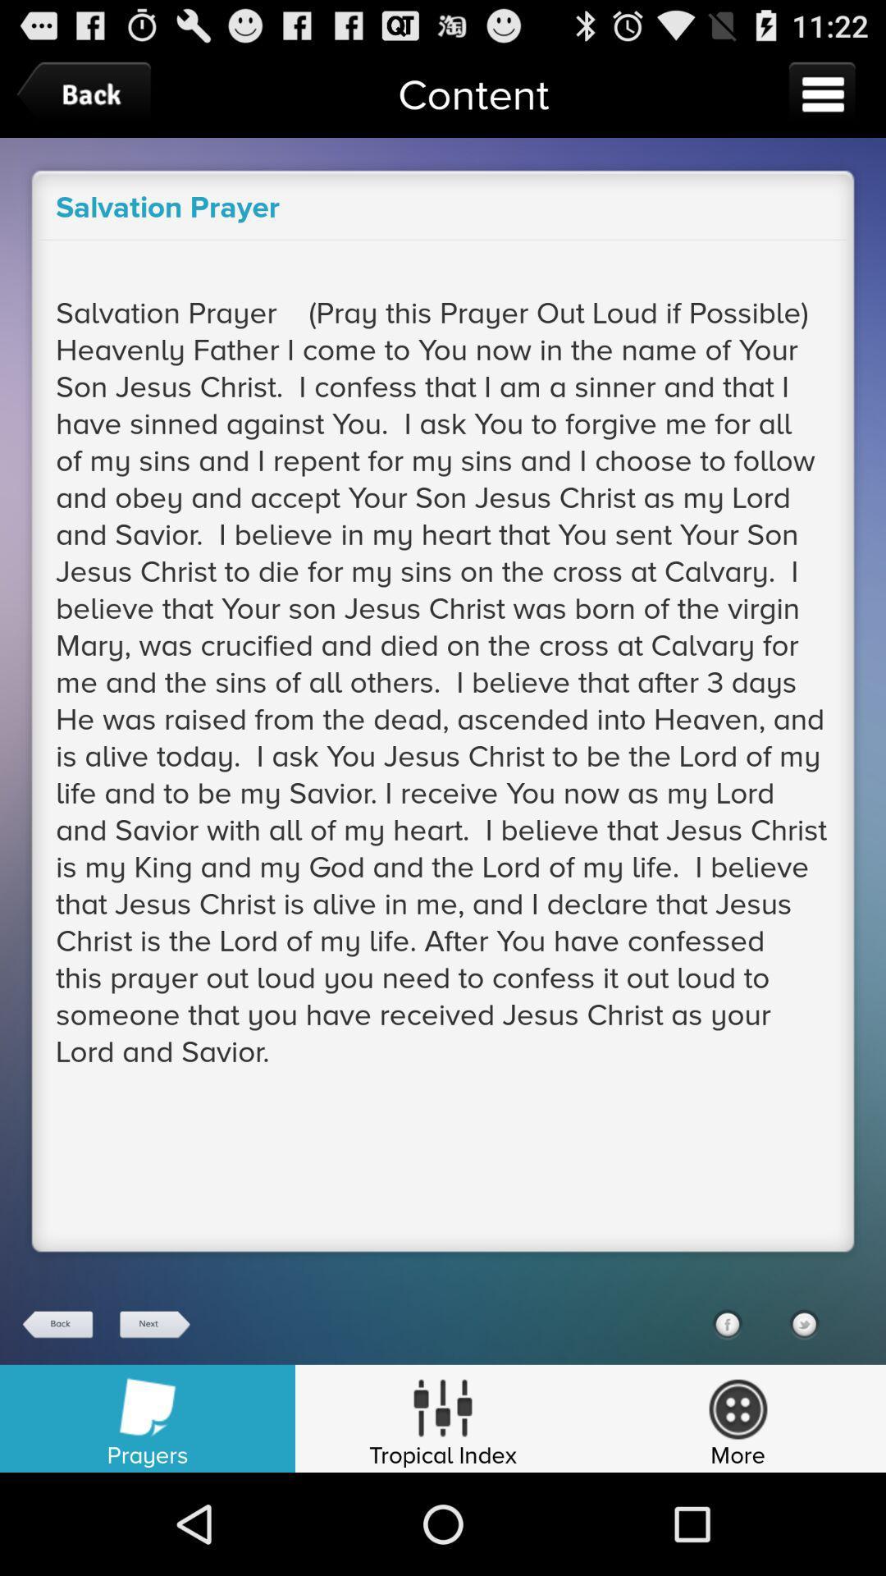 This screenshot has width=886, height=1576. Describe the element at coordinates (726, 1324) in the screenshot. I see `item below the salvation prayer pray app` at that location.